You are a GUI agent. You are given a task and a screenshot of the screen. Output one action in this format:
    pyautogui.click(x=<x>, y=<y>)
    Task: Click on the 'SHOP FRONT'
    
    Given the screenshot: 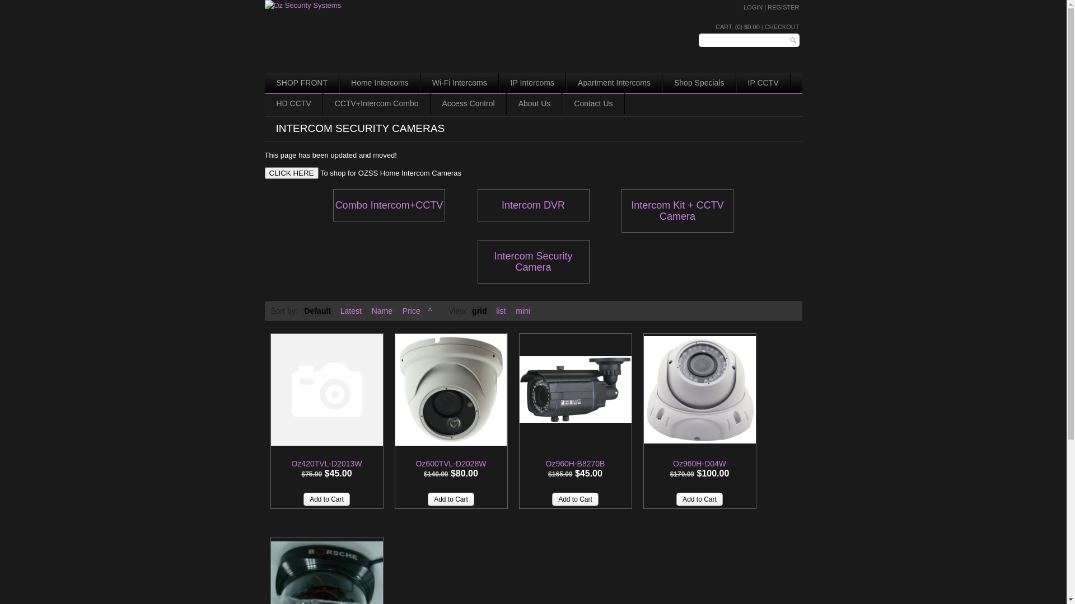 What is the action you would take?
    pyautogui.click(x=301, y=82)
    